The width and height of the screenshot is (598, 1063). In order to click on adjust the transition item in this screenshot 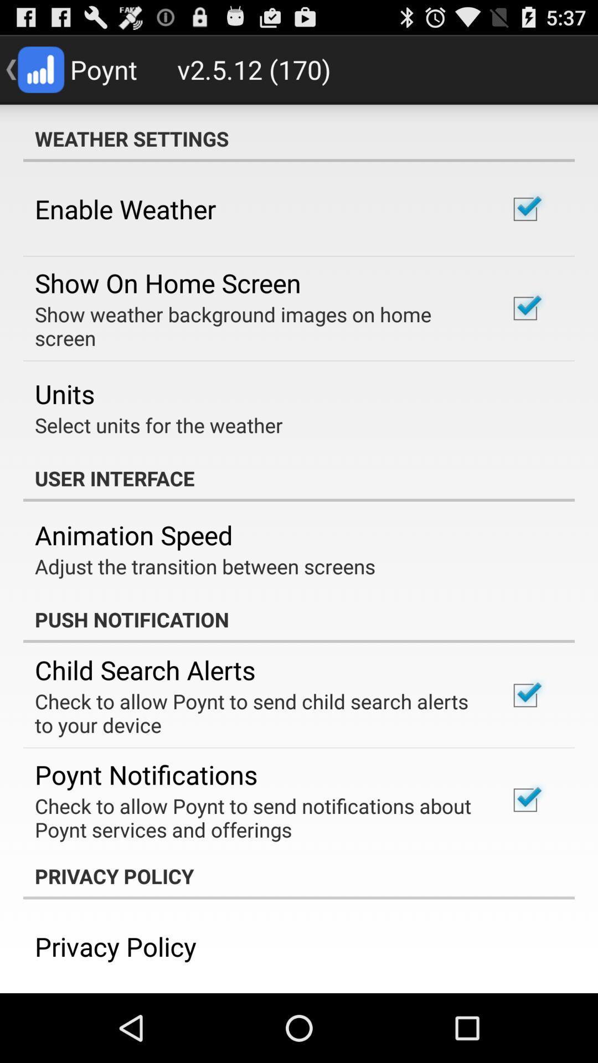, I will do `click(205, 566)`.